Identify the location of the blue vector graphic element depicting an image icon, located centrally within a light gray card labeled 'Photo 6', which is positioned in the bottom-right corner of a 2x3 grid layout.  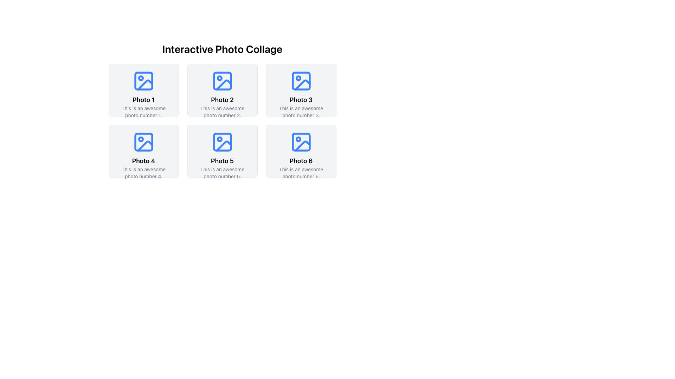
(301, 142).